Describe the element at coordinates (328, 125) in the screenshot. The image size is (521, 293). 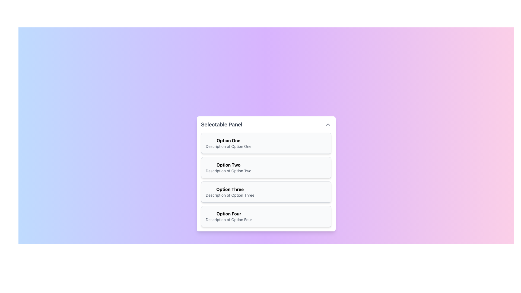
I see `the small, triangular chevron button located at the far right of the header area labeled 'Selectable Panel'` at that location.